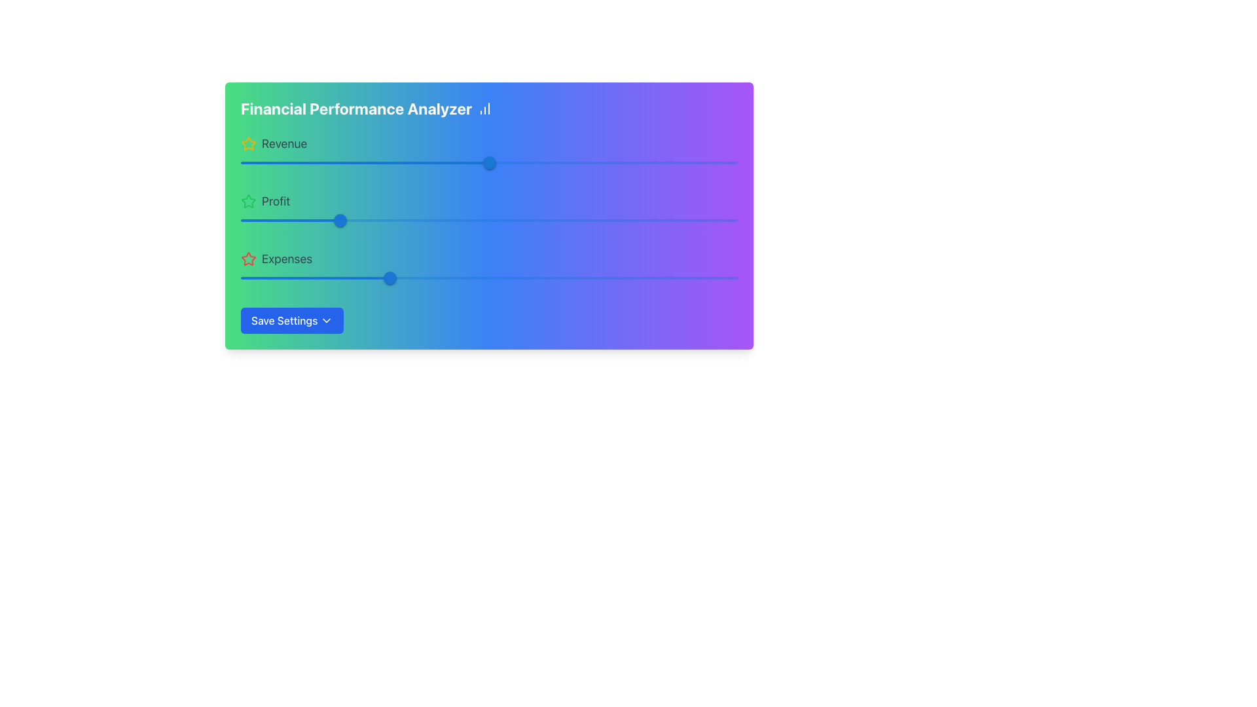  I want to click on the slider value, so click(249, 277).